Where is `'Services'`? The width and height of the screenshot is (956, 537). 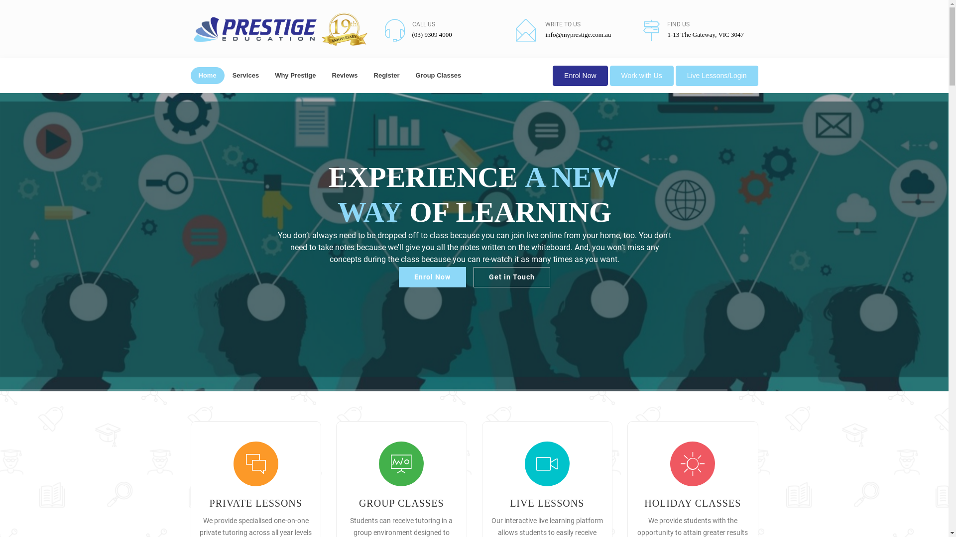 'Services' is located at coordinates (246, 75).